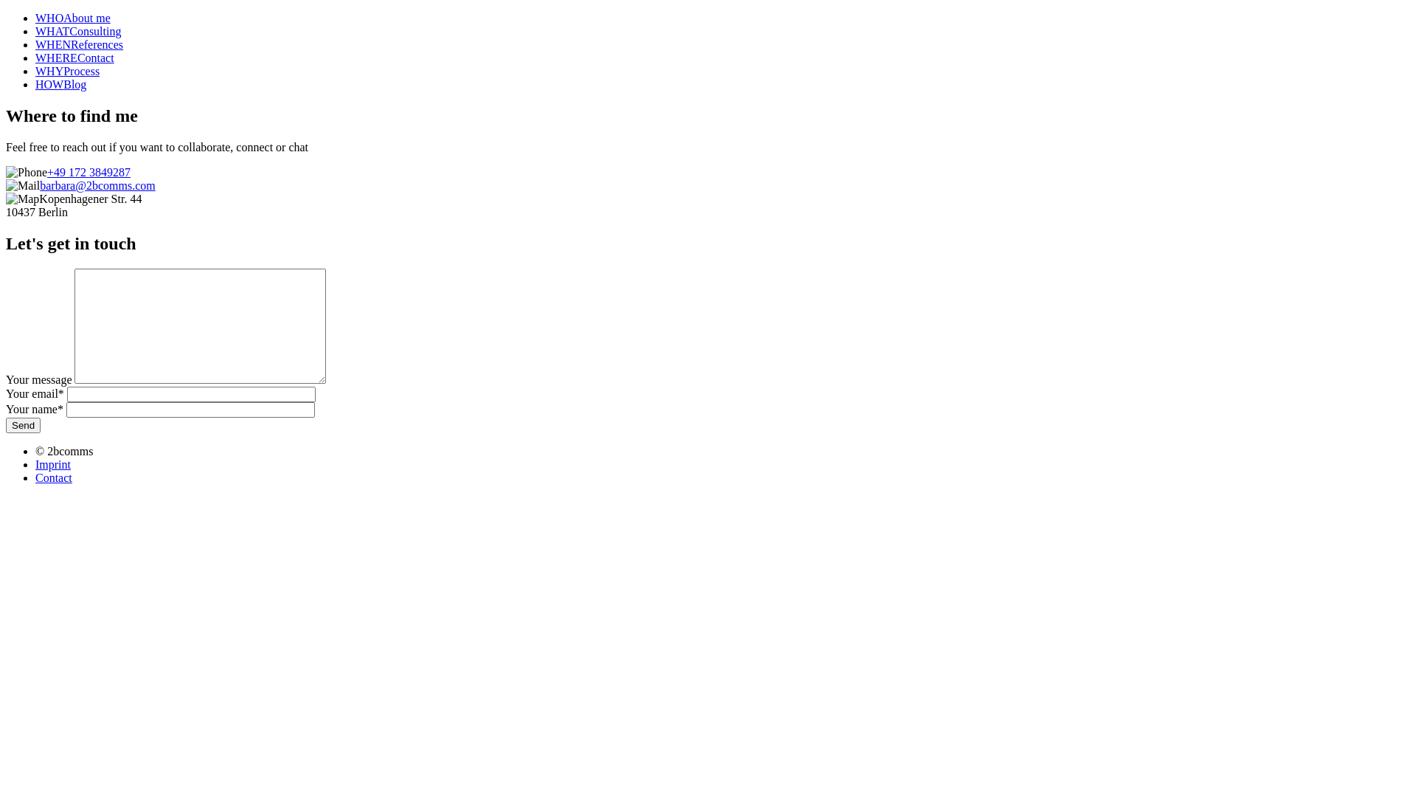  I want to click on 'HOWBlog', so click(60, 84).